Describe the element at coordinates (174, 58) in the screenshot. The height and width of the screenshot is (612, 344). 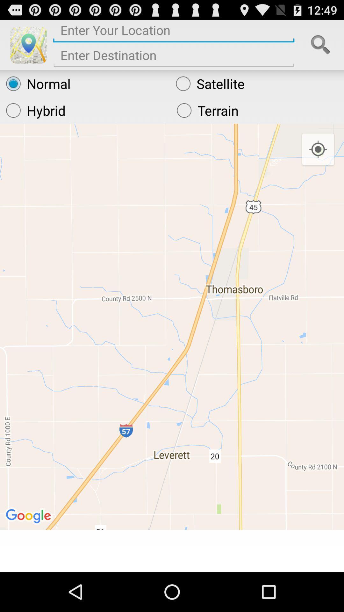
I see `final destination` at that location.